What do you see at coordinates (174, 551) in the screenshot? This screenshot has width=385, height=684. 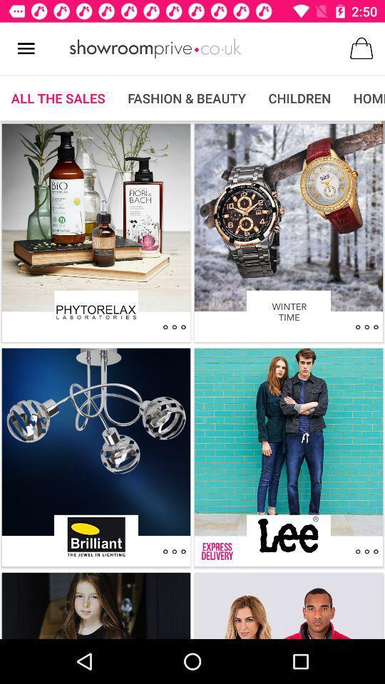 I see `more options` at bounding box center [174, 551].